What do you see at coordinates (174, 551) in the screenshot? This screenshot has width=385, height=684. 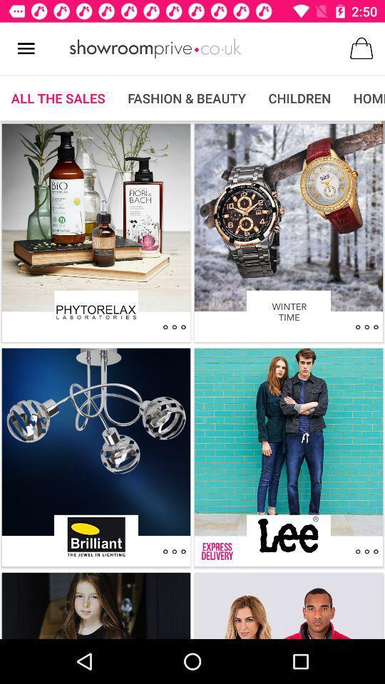 I see `more options` at bounding box center [174, 551].